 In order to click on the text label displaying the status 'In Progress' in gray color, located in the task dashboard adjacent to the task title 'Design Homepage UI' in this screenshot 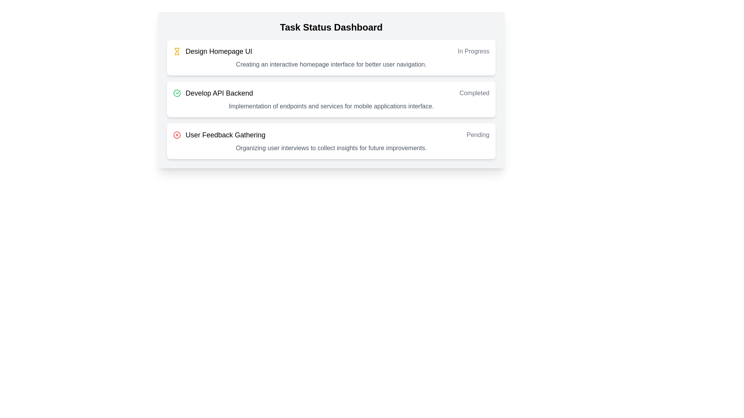, I will do `click(473, 51)`.